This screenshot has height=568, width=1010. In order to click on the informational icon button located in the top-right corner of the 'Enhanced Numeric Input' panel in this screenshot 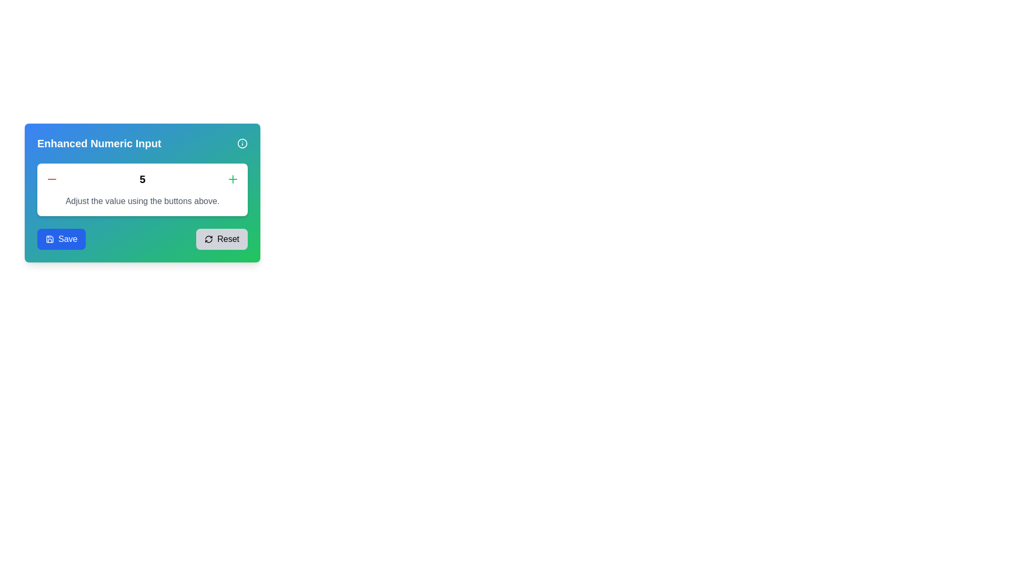, I will do `click(241, 144)`.